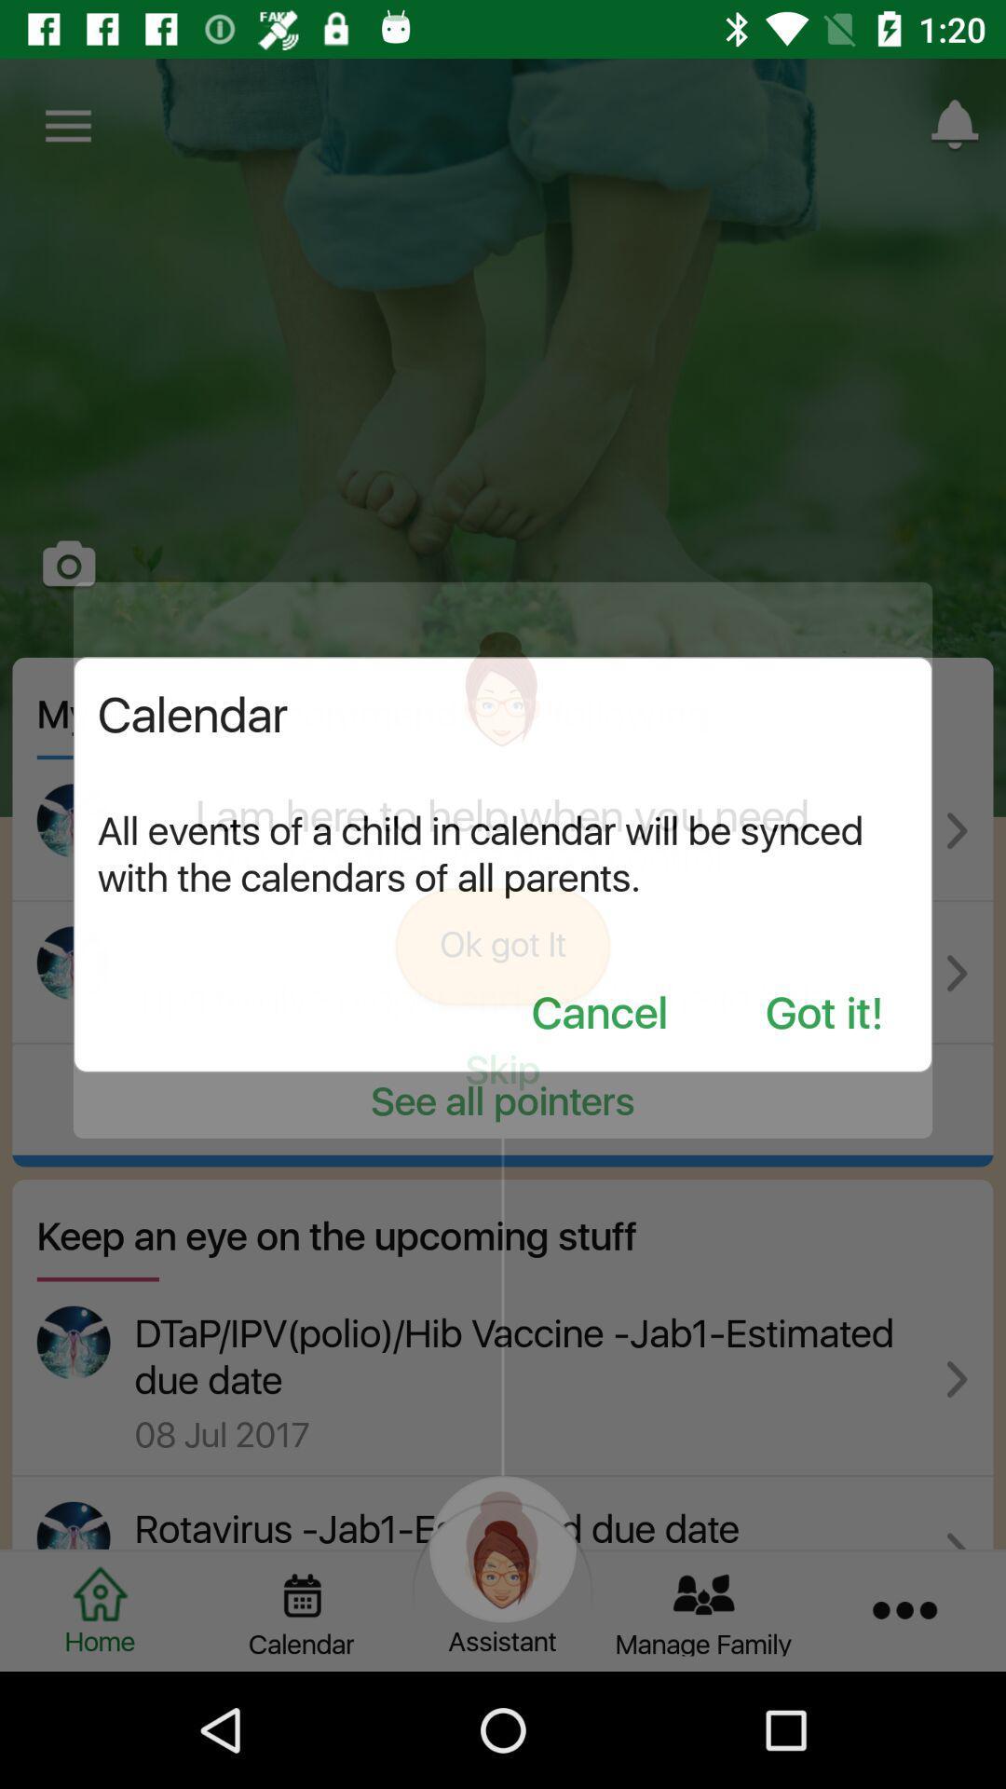 Image resolution: width=1006 pixels, height=1789 pixels. Describe the element at coordinates (599, 1014) in the screenshot. I see `item next to got it! icon` at that location.